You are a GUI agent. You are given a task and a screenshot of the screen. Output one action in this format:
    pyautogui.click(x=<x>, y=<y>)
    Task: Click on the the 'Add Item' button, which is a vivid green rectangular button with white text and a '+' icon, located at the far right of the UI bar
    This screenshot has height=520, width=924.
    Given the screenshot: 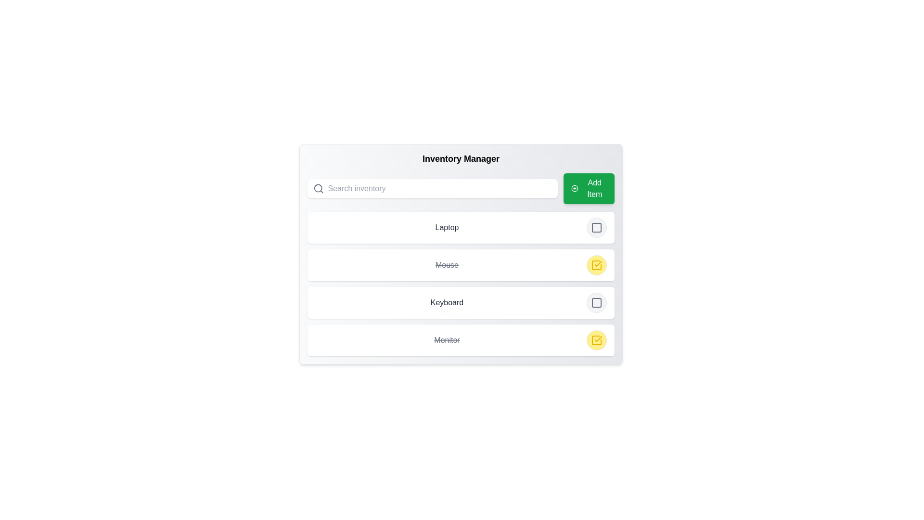 What is the action you would take?
    pyautogui.click(x=588, y=189)
    